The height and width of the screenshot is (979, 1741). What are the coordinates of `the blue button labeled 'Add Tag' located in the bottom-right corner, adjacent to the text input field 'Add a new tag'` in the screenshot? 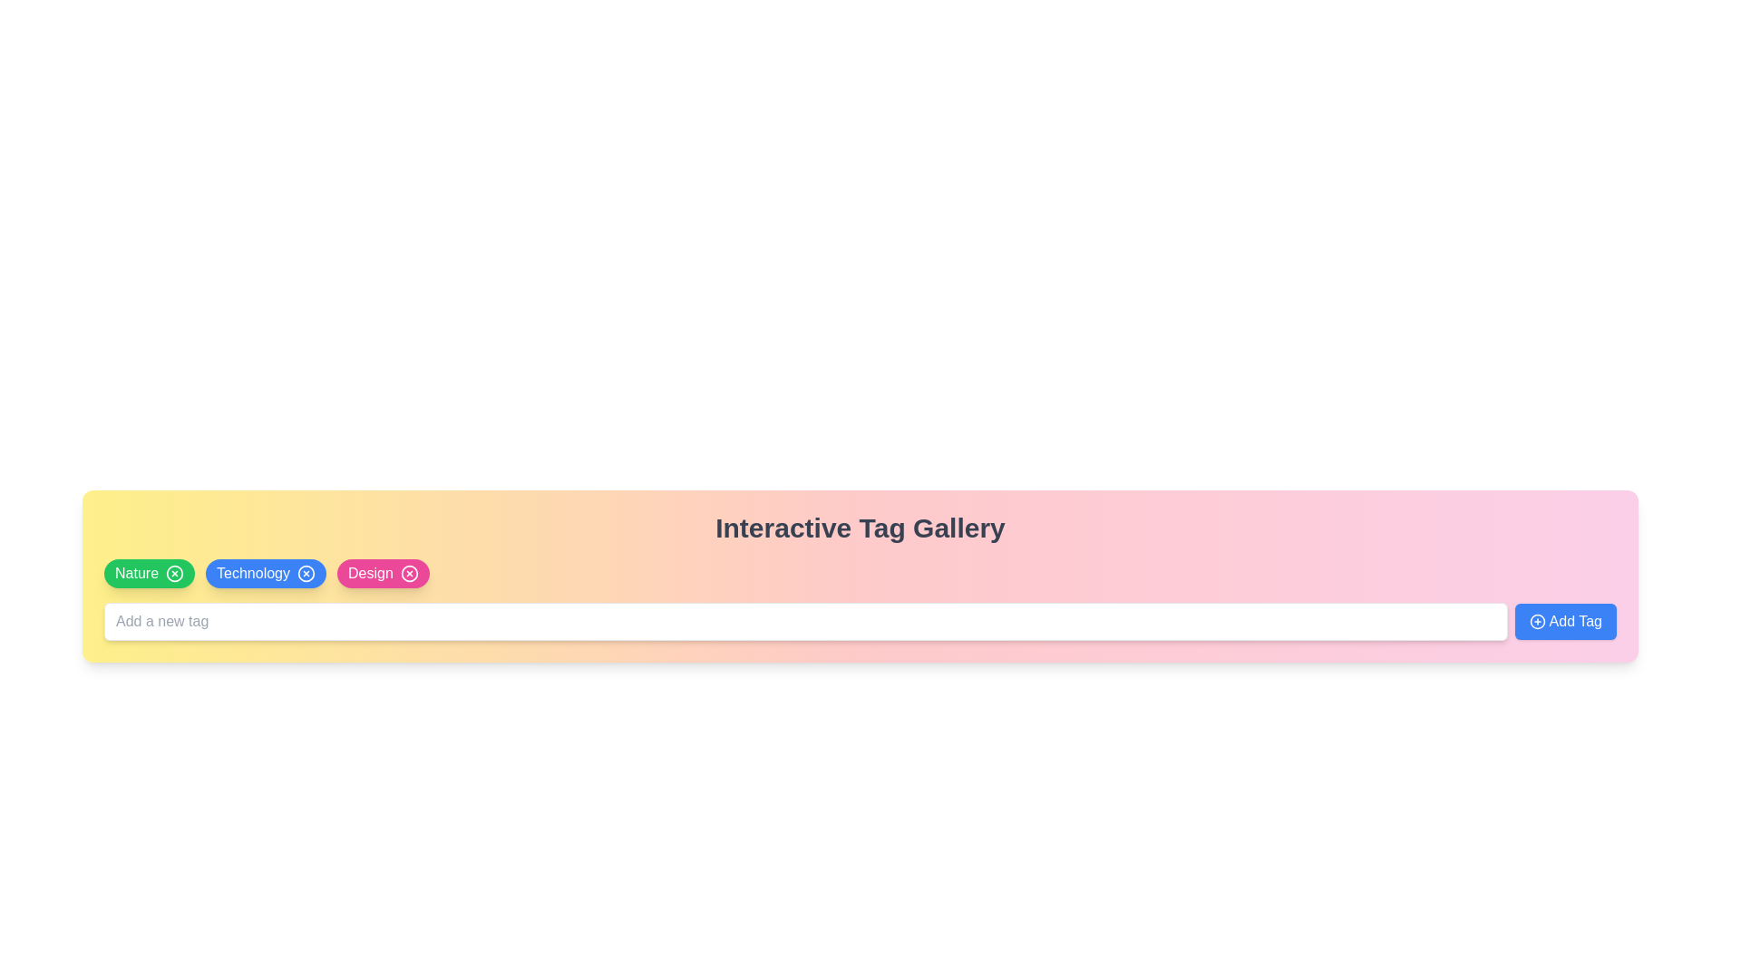 It's located at (1564, 621).